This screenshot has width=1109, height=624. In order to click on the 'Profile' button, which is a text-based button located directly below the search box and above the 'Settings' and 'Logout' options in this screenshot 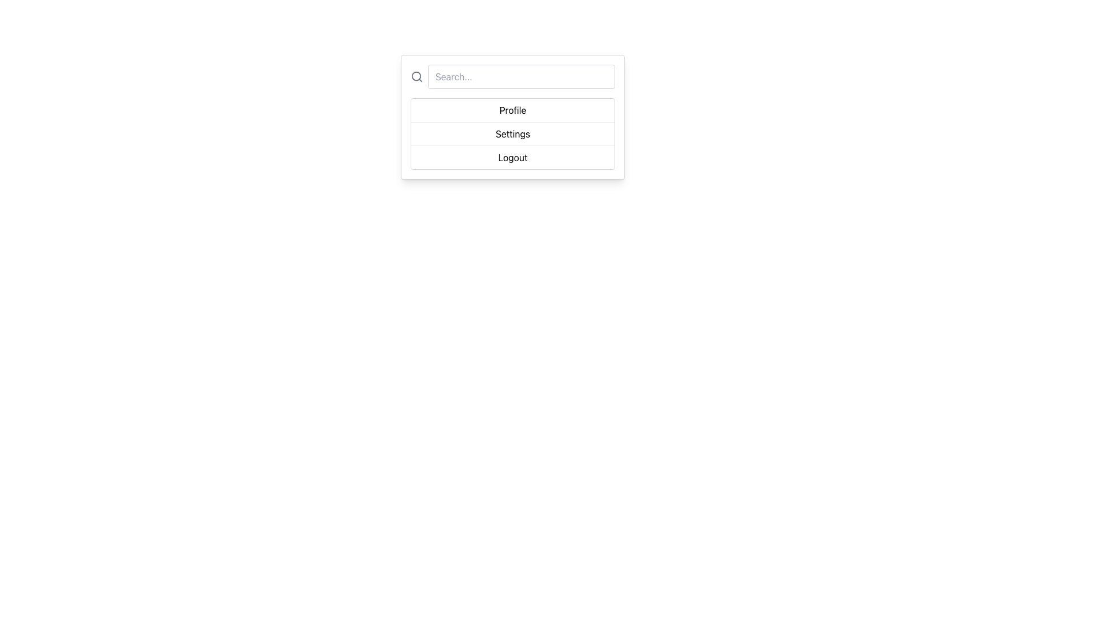, I will do `click(512, 110)`.